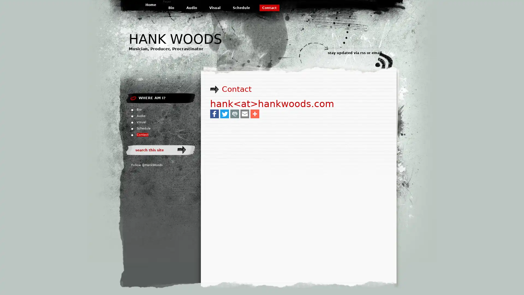  I want to click on Share to Email, so click(245, 113).